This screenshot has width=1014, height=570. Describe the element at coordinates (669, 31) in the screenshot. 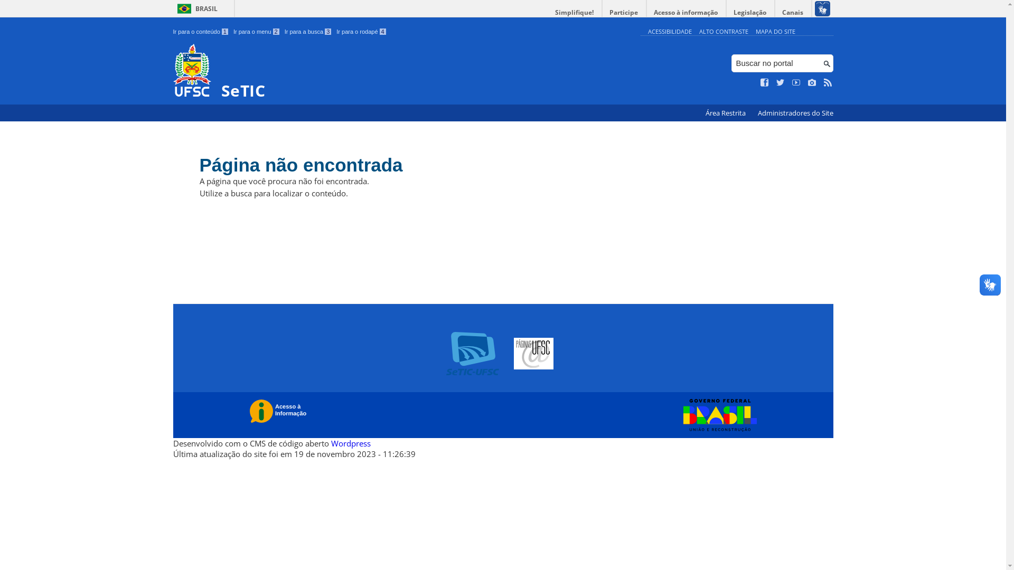

I see `'ACESSIBILIDADE'` at that location.